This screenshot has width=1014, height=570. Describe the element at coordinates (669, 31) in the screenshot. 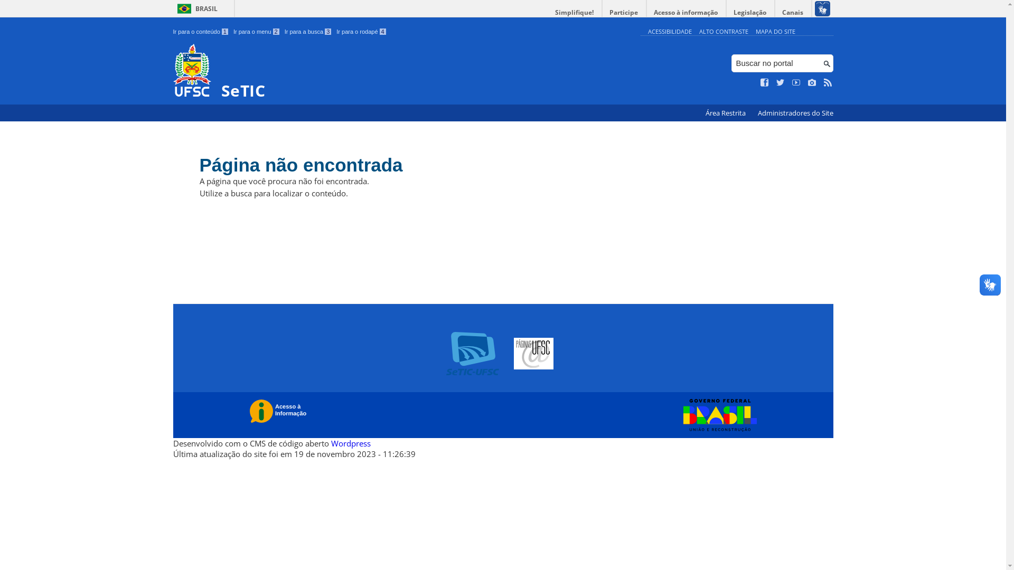

I see `'ACESSIBILIDADE'` at that location.